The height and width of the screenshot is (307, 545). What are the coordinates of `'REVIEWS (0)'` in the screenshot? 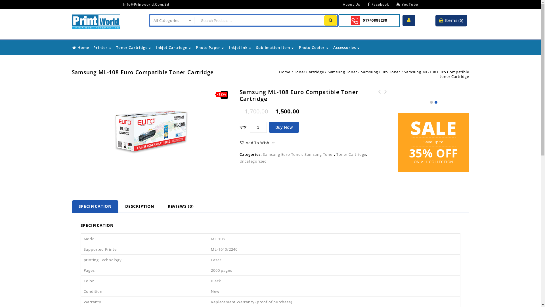 It's located at (181, 206).